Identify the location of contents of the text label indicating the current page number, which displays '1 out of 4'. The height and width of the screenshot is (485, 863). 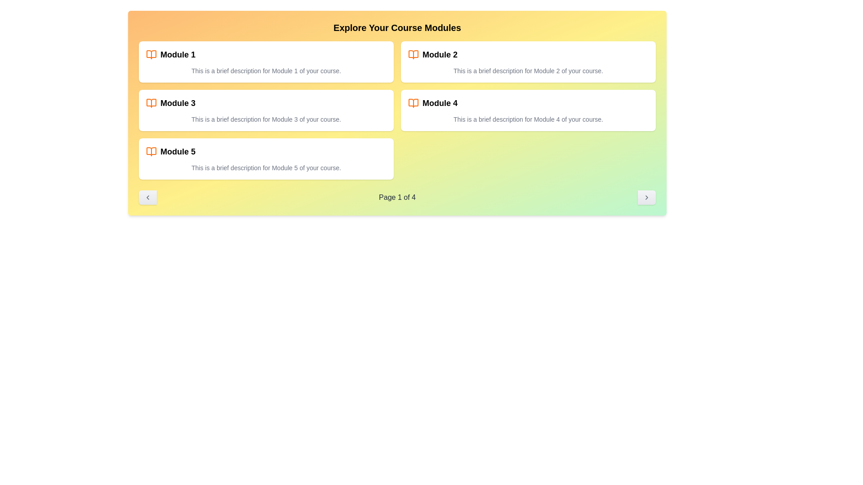
(396, 197).